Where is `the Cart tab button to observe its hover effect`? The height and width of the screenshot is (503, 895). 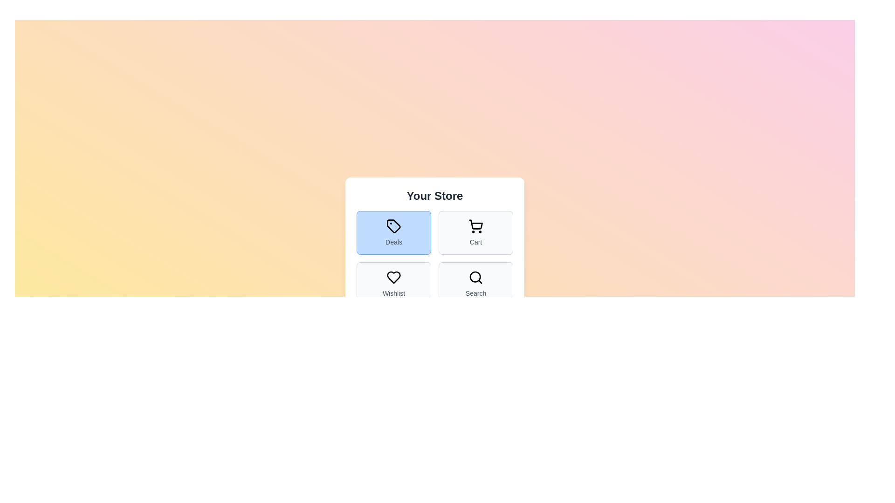 the Cart tab button to observe its hover effect is located at coordinates (476, 232).